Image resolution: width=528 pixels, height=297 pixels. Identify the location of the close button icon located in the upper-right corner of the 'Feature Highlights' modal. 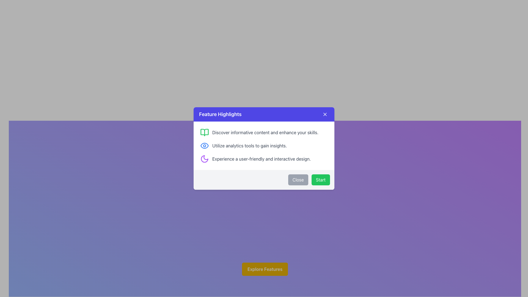
(325, 114).